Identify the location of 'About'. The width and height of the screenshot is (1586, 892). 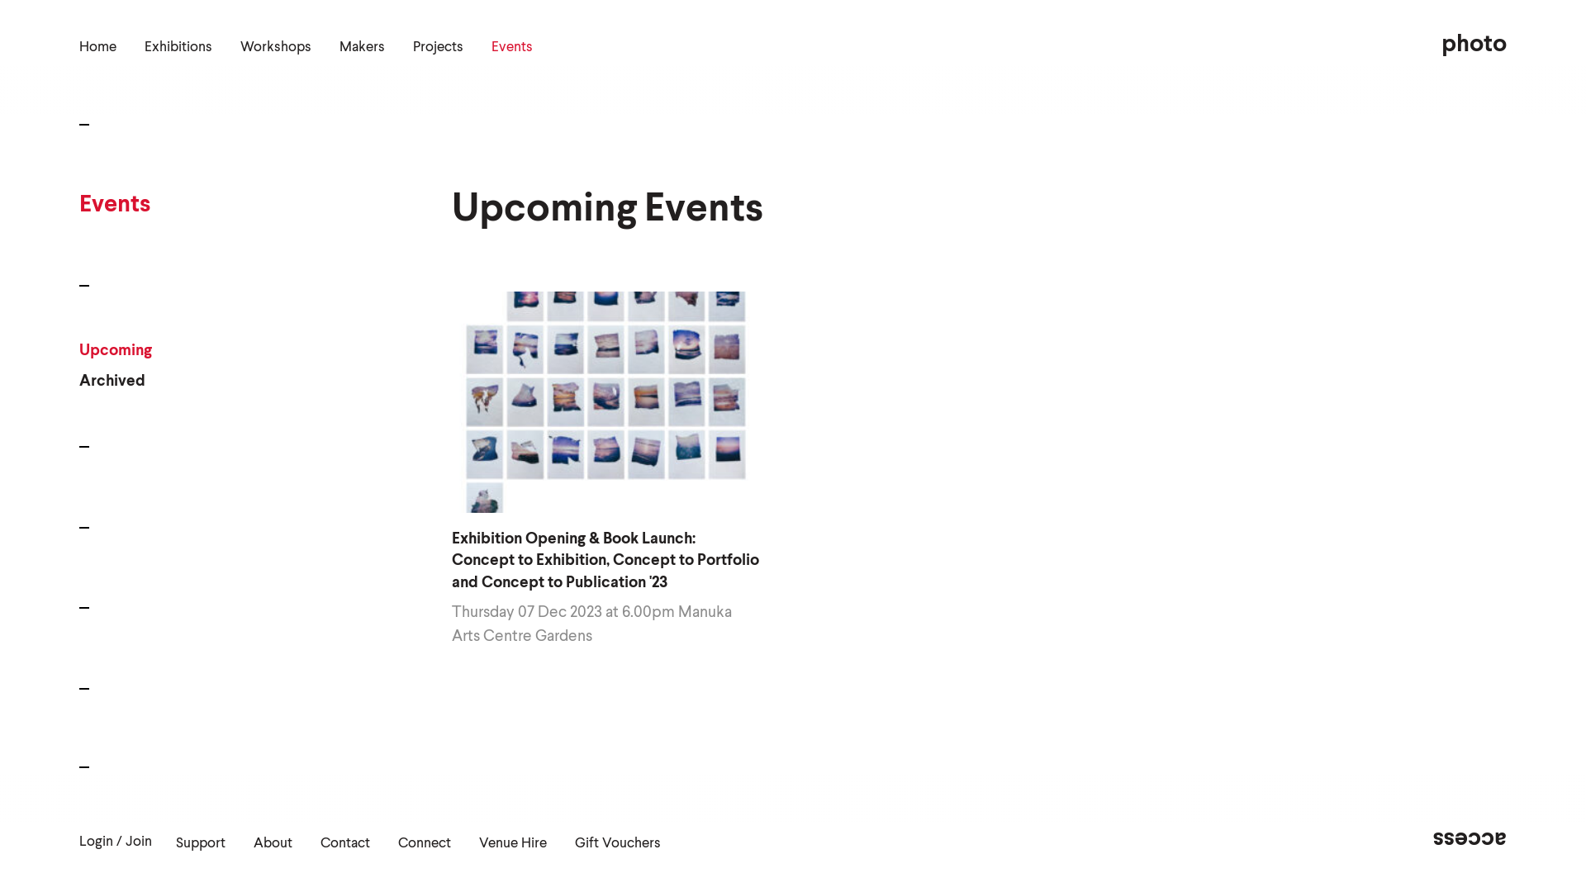
(273, 843).